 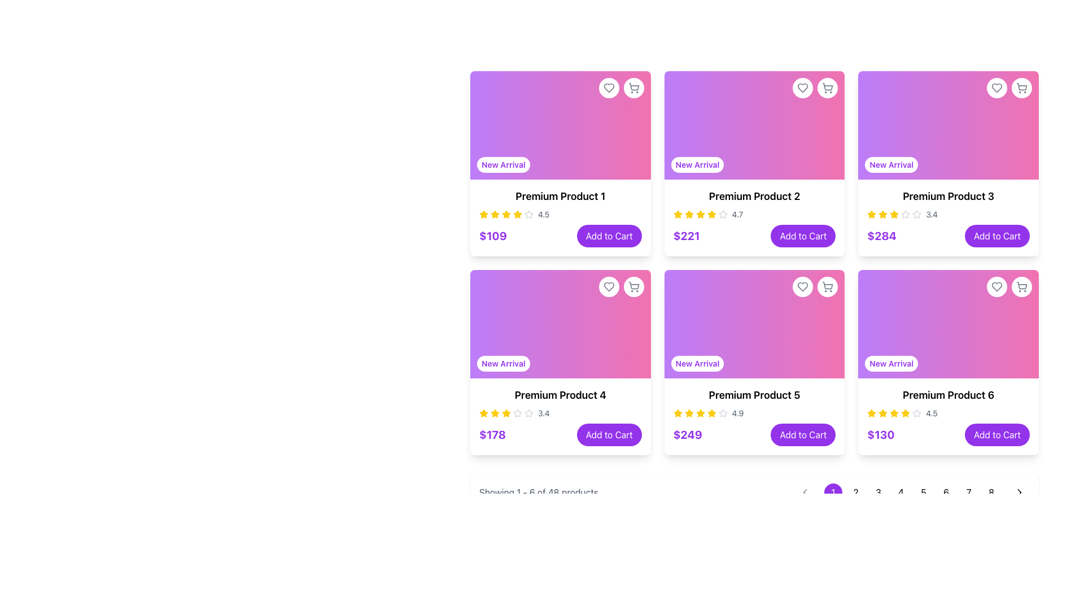 I want to click on the fifth star icon in the rating system for 'Premium Product 5', which visually represents a fraction of the overall rating and is located above the text '4.9', so click(x=723, y=413).